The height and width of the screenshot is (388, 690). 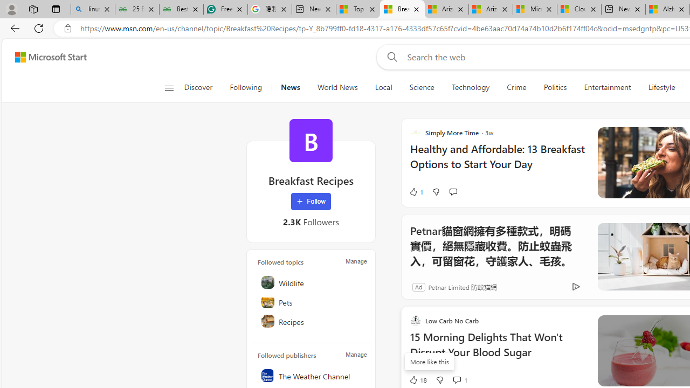 I want to click on 'Web search', so click(x=390, y=57).